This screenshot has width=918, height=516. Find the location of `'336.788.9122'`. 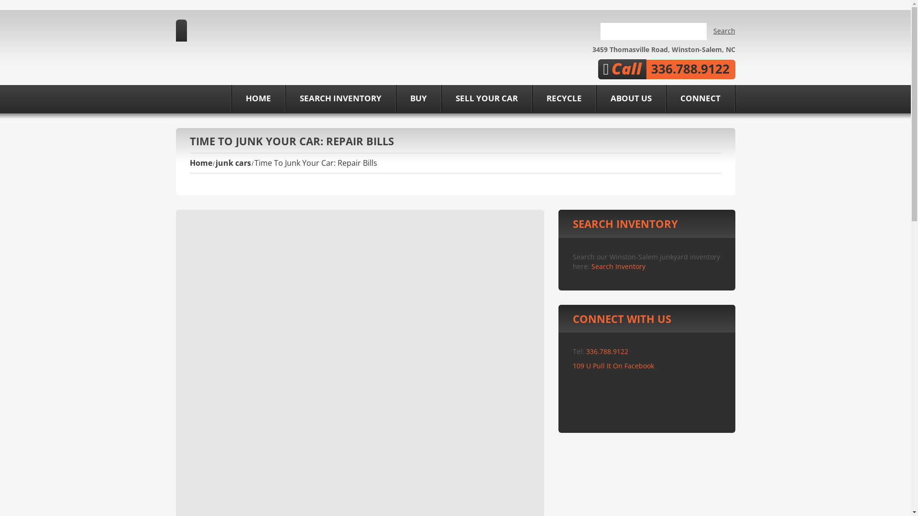

'336.788.9122' is located at coordinates (605, 351).